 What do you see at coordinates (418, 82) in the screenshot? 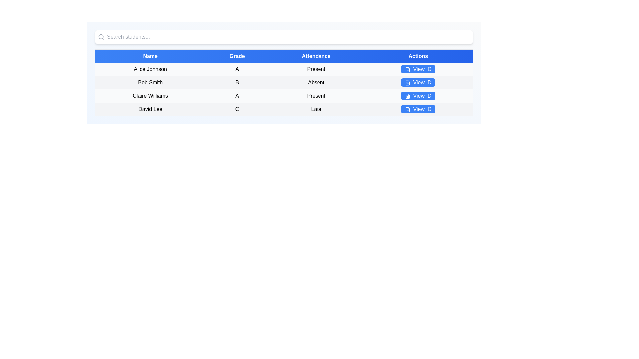
I see `the button in the fourth column under the 'Actions' header in the second row` at bounding box center [418, 82].